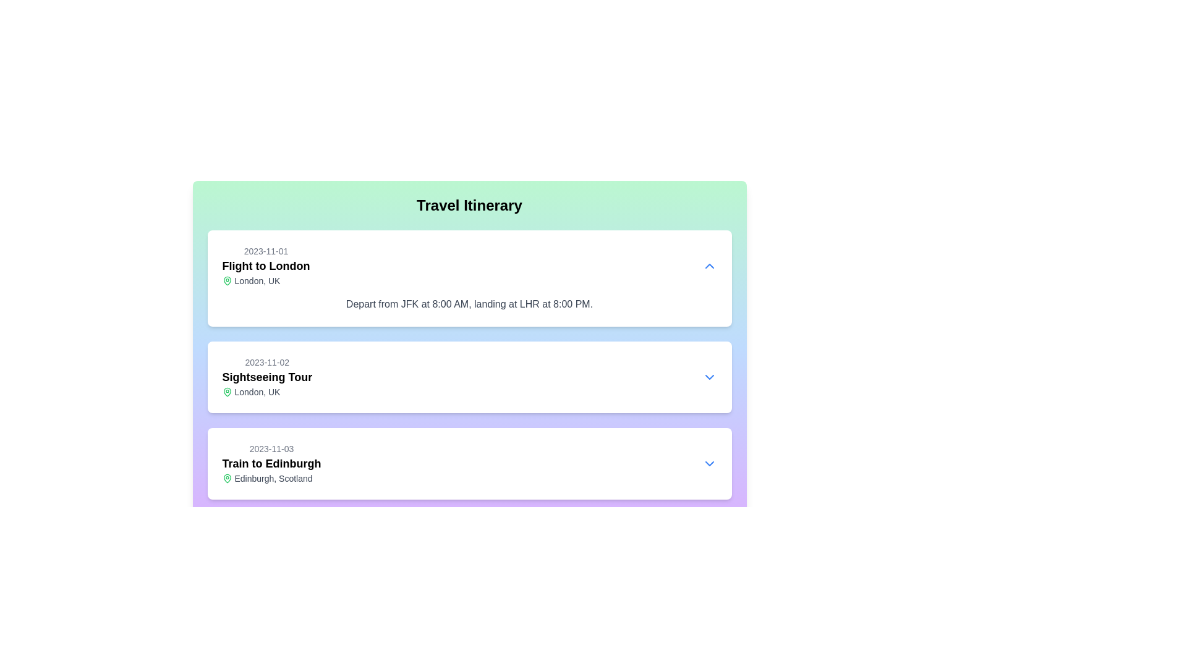 The image size is (1187, 667). I want to click on text label indicating the date relevant to the event, which is positioned above the 'Flight to London' title and to the left of the 'London, UK' label, so click(265, 251).